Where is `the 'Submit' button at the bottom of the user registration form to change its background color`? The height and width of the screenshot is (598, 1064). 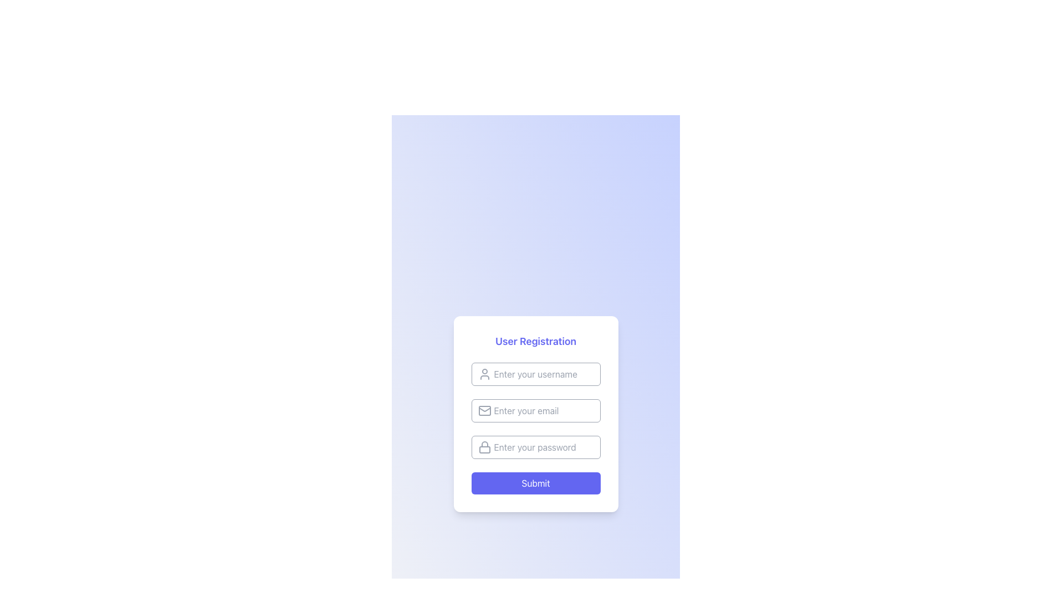 the 'Submit' button at the bottom of the user registration form to change its background color is located at coordinates (535, 482).